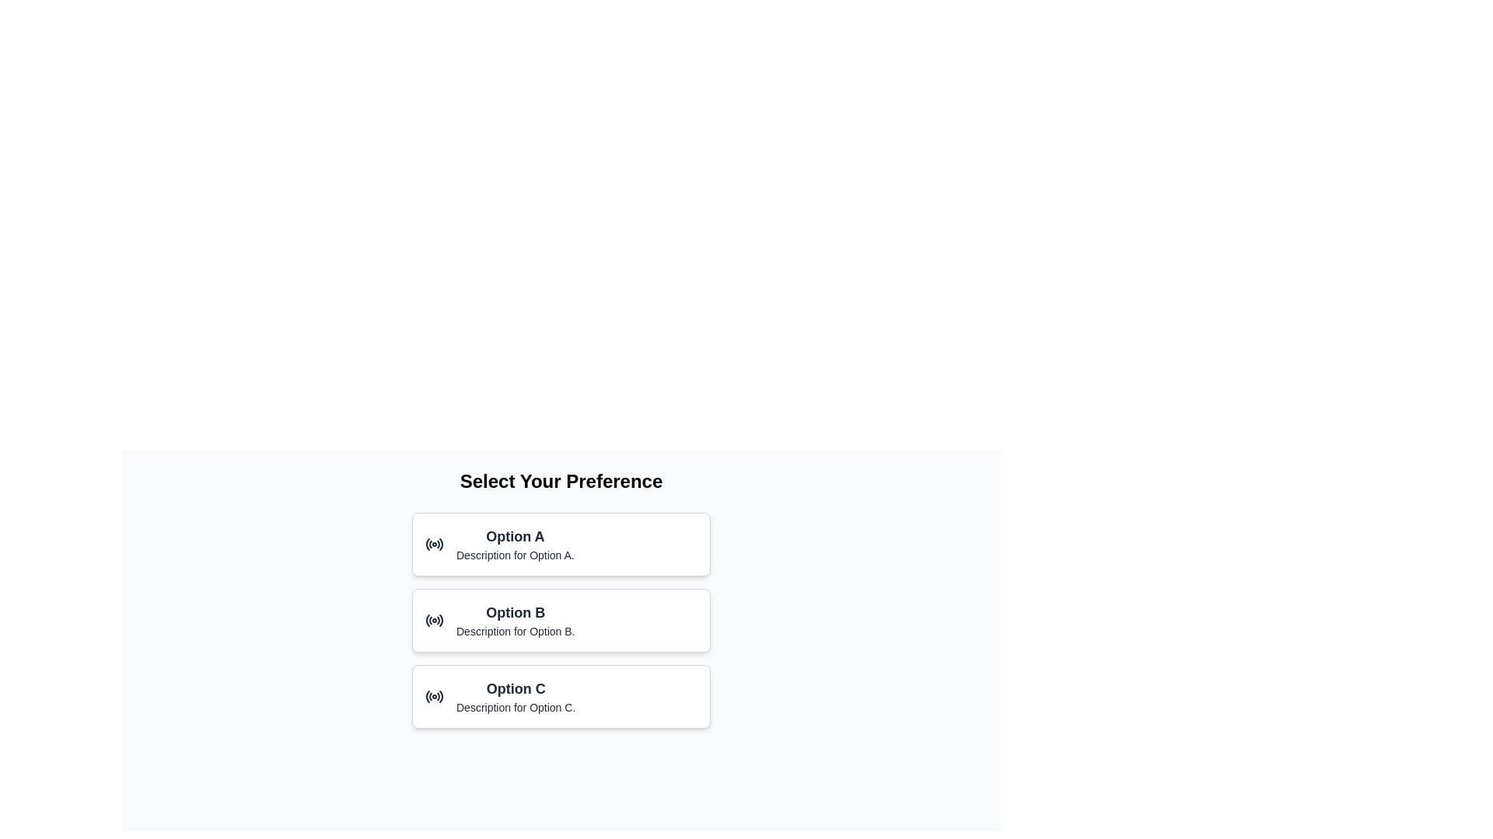 This screenshot has height=839, width=1493. What do you see at coordinates (516, 696) in the screenshot?
I see `text of the labeled text group that contains the heading 'Option C' and the descriptive text 'Description for Option C.'` at bounding box center [516, 696].